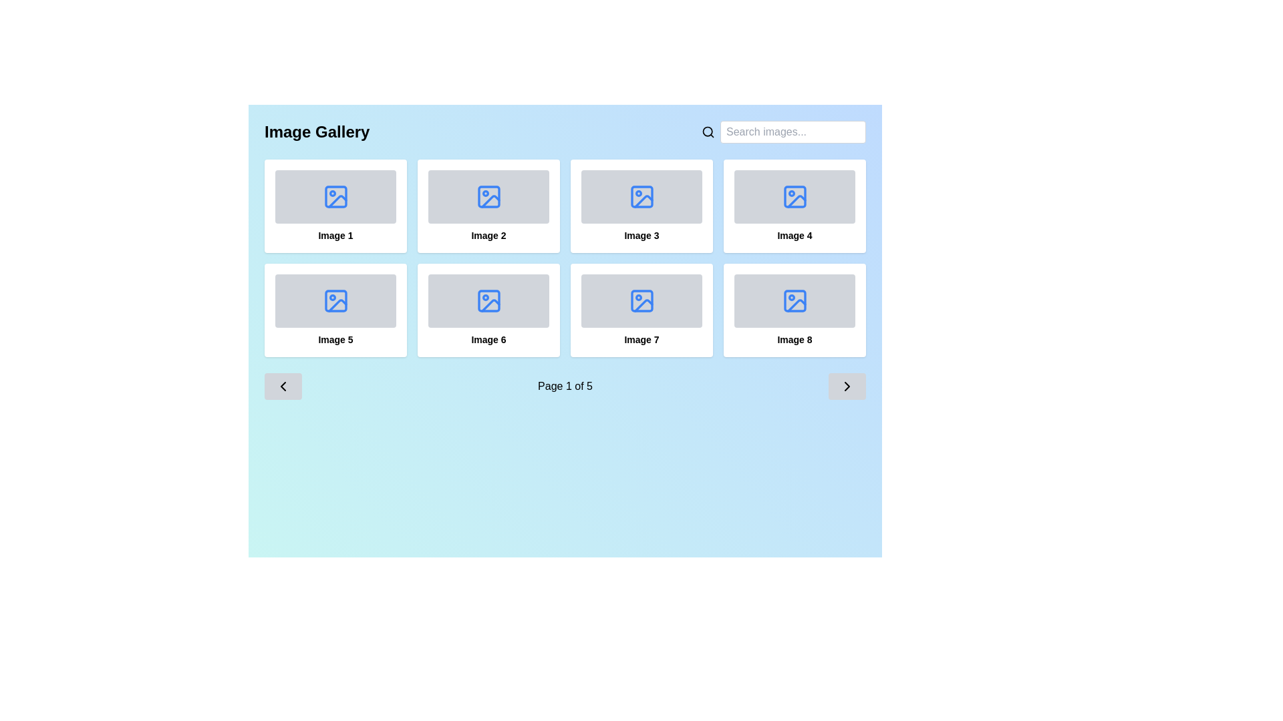  Describe the element at coordinates (335, 301) in the screenshot. I see `the blue SVG icon representing an image placeholder located in the second row and first column of the image gallery grid` at that location.